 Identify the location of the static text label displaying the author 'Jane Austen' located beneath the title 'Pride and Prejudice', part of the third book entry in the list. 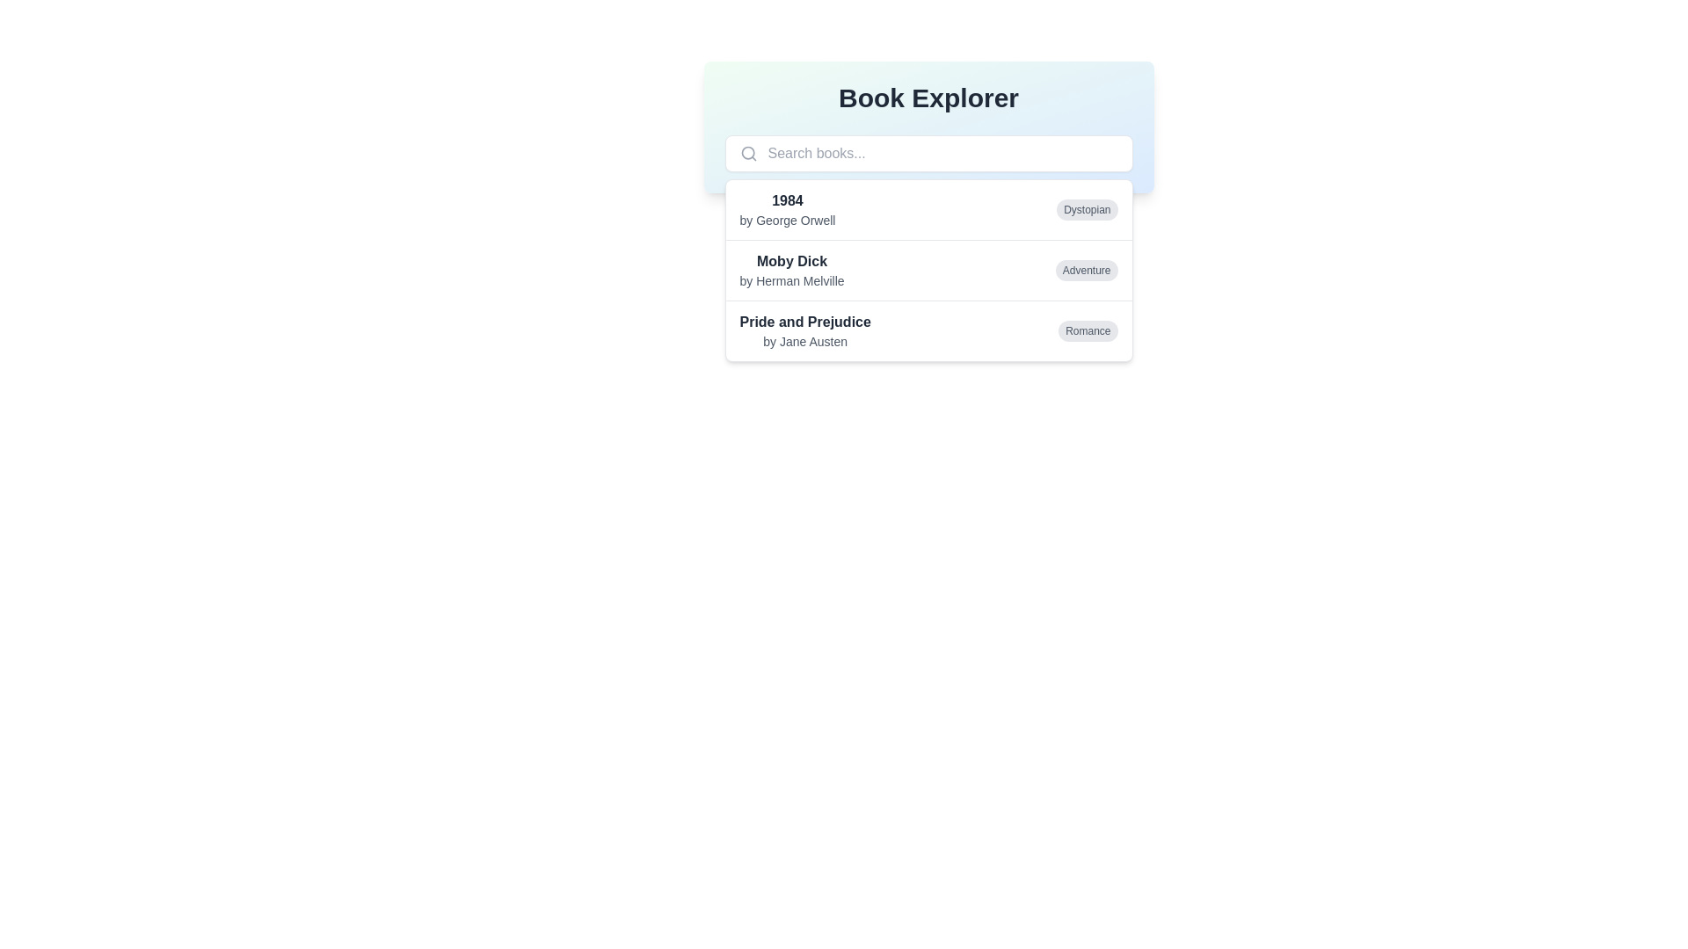
(804, 342).